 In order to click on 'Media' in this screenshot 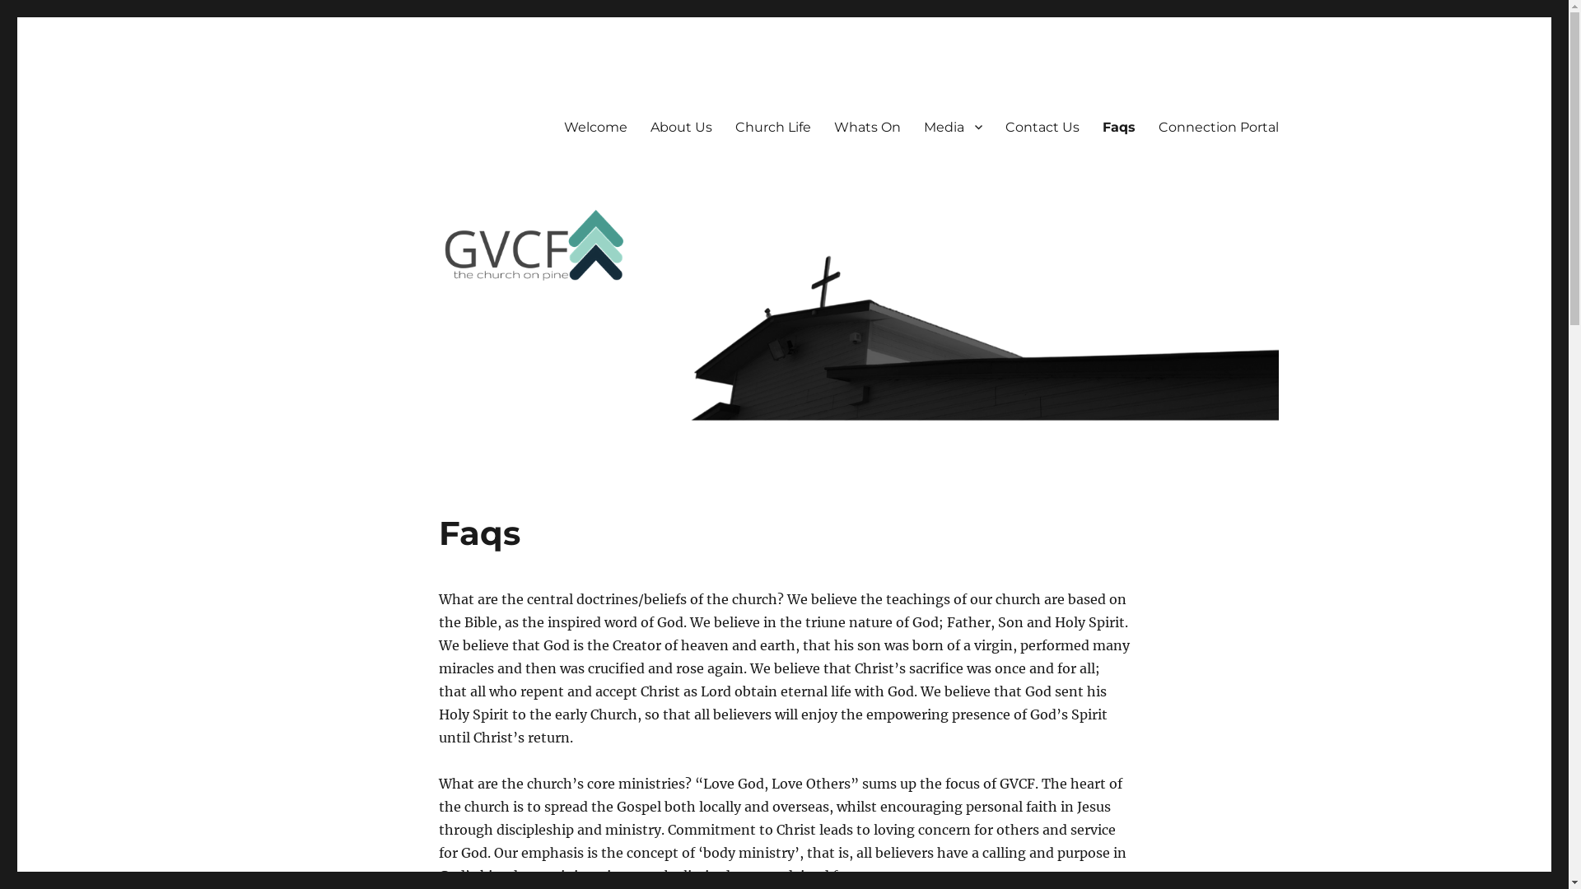, I will do `click(953, 126)`.